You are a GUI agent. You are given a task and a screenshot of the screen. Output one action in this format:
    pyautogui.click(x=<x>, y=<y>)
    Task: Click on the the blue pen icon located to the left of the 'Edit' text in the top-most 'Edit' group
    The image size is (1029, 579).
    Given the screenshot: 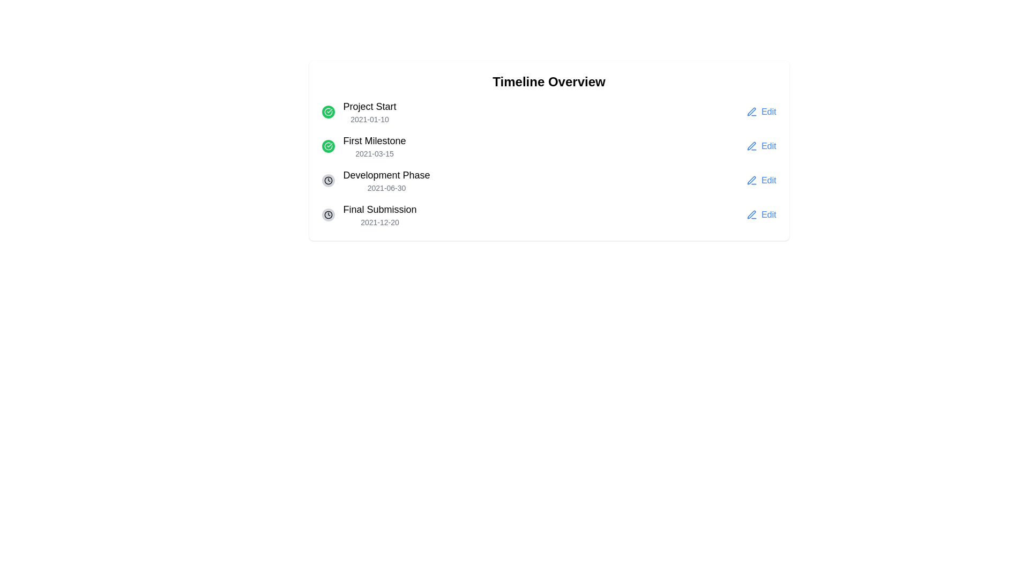 What is the action you would take?
    pyautogui.click(x=751, y=112)
    